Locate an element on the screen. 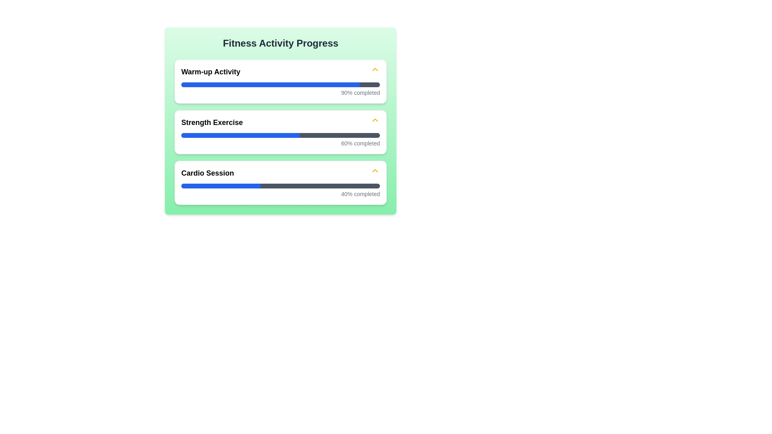 Image resolution: width=772 pixels, height=434 pixels. the text label that serves as the title for the second box in a vertical arrangement of activity names, positioned above the progress bar is located at coordinates (212, 122).